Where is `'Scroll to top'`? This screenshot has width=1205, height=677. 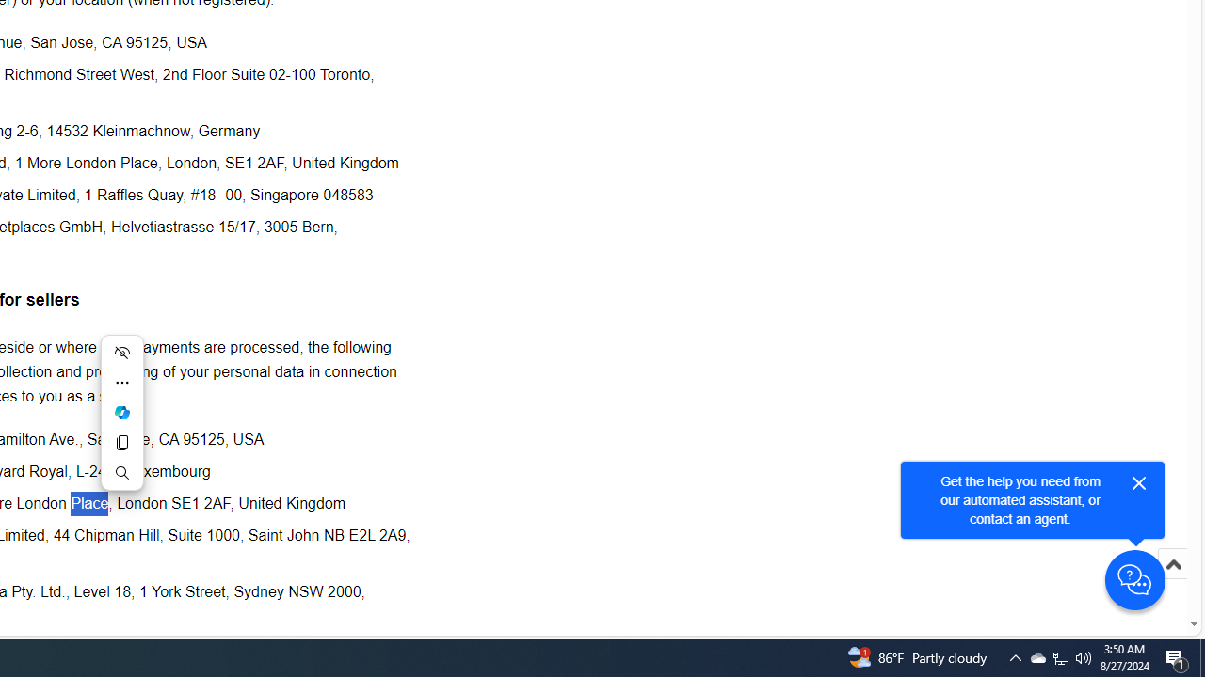 'Scroll to top' is located at coordinates (1172, 562).